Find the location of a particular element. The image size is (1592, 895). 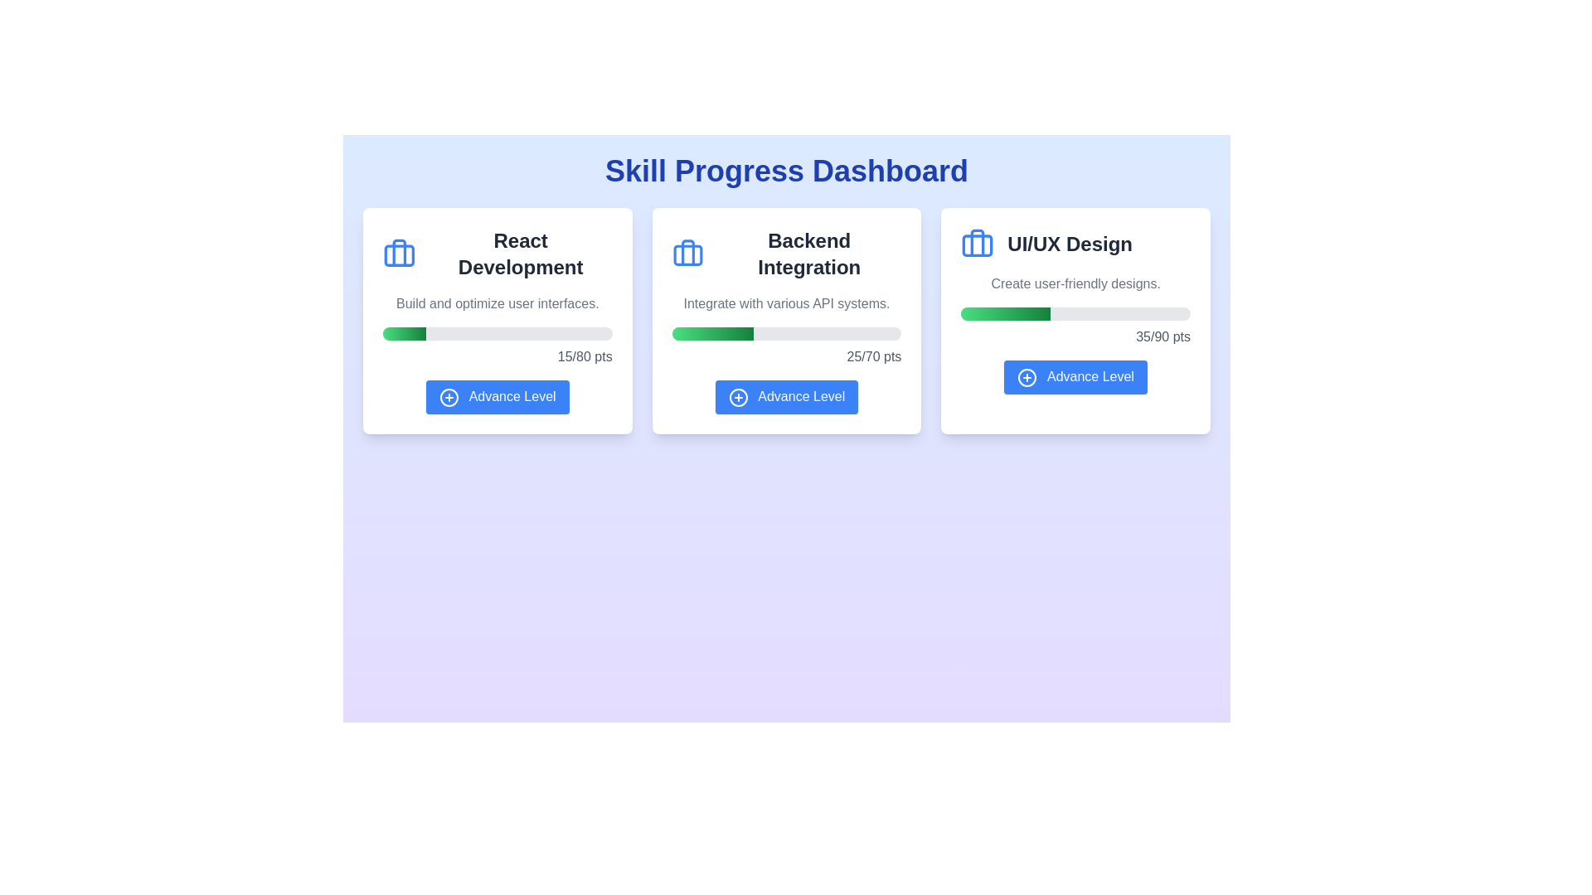

the circular graphical icon inside the blue 'Advance Level' button located in the React Development area of the dashboard is located at coordinates (449, 397).